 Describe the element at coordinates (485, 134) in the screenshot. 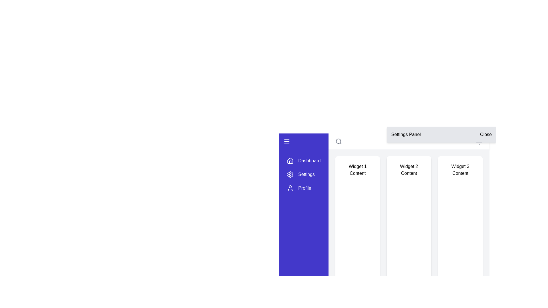

I see `the 'Close' button located at the top-right corner of the gray header bar of the 'Settings Panel'` at that location.